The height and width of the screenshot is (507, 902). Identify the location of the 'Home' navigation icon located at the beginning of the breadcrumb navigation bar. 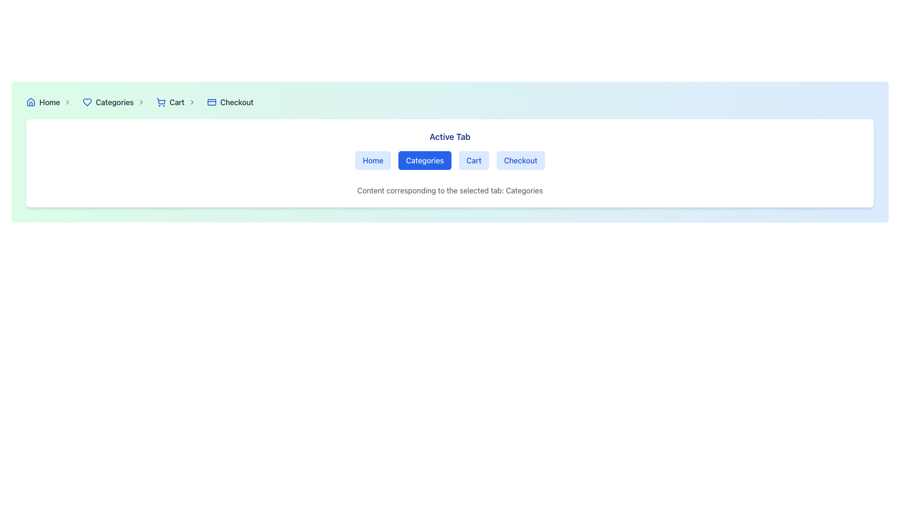
(31, 102).